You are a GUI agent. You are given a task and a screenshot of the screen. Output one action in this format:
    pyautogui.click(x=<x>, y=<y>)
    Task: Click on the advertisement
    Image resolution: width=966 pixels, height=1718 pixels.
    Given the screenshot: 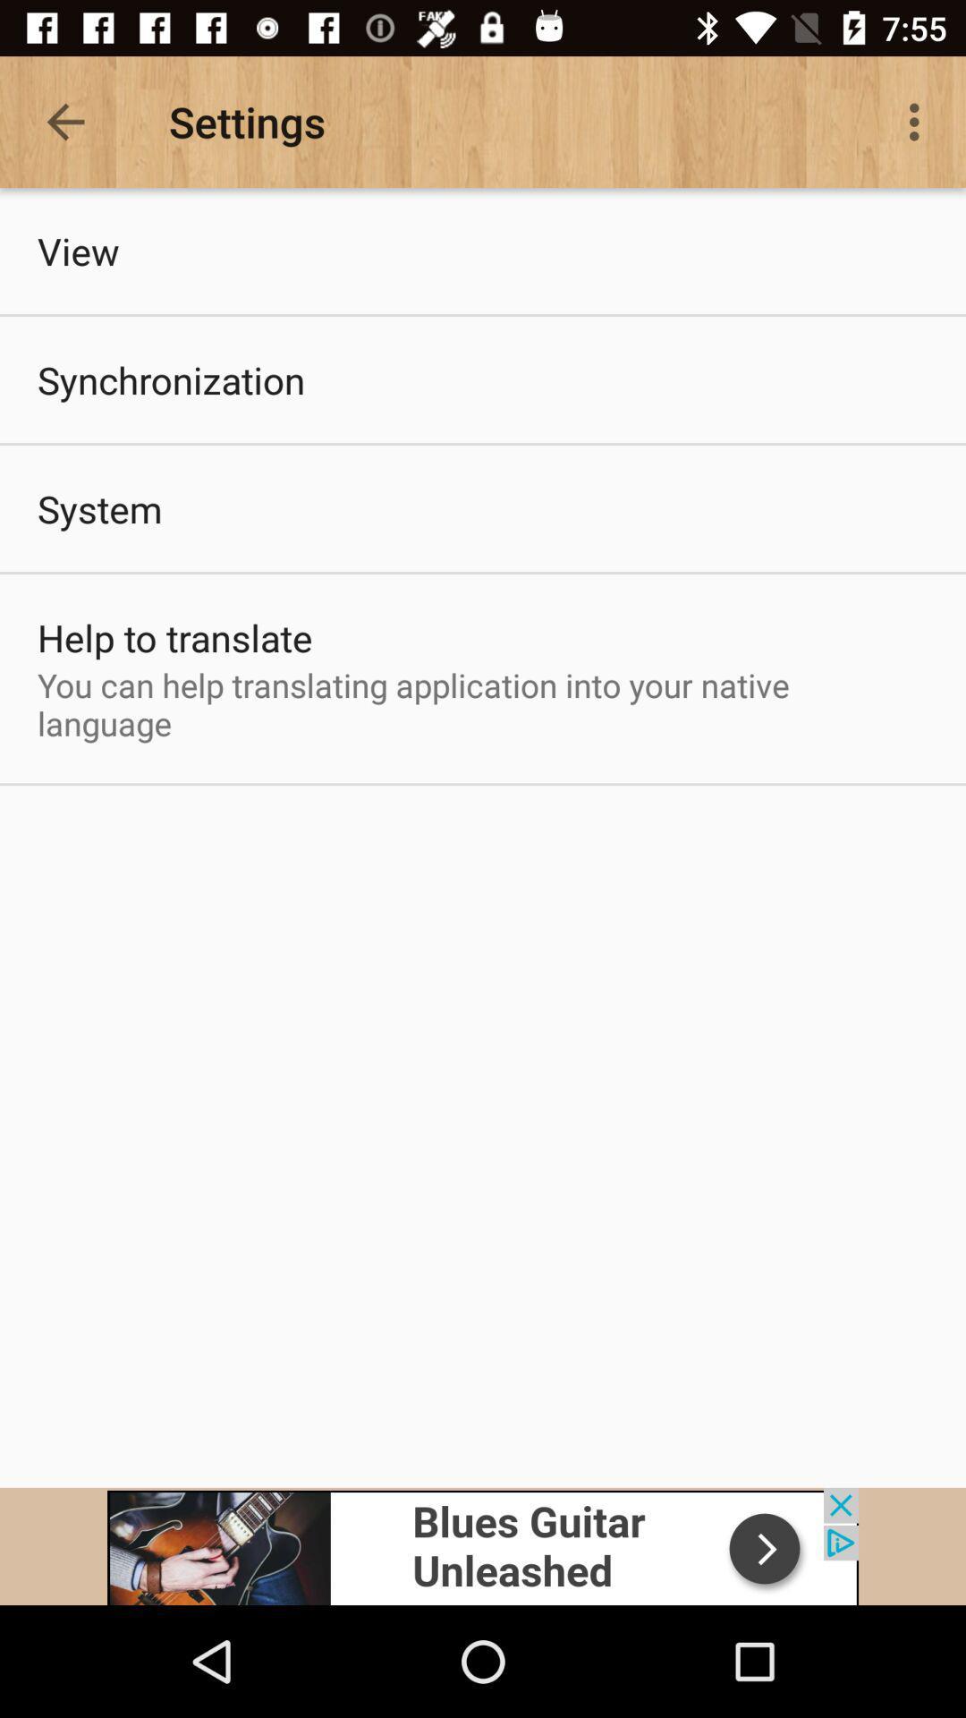 What is the action you would take?
    pyautogui.click(x=483, y=1545)
    